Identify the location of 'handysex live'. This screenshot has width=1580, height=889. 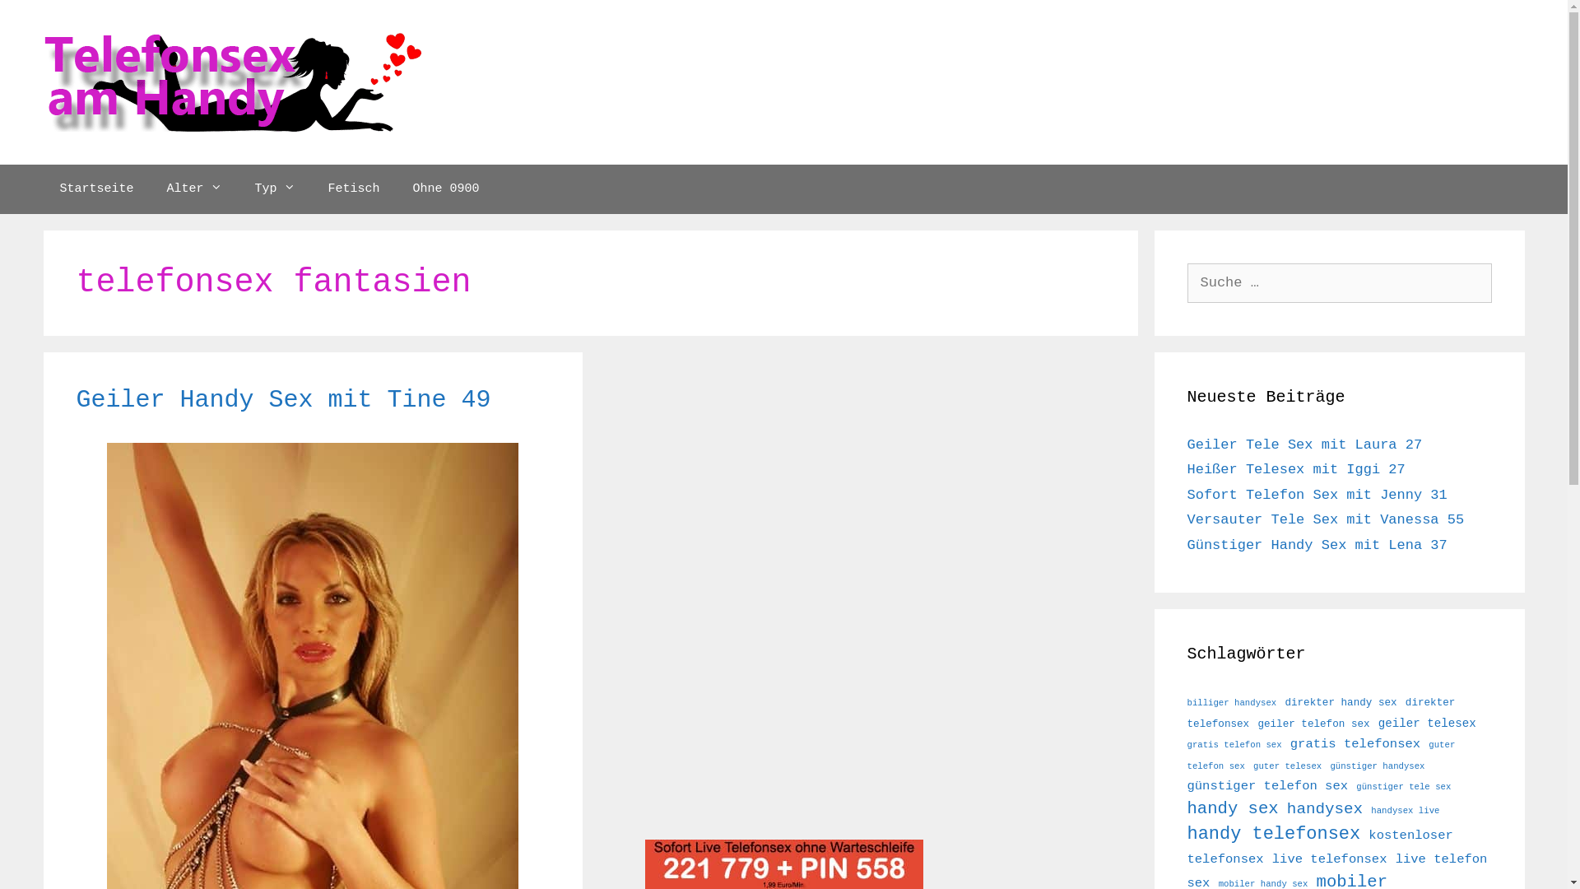
(1404, 808).